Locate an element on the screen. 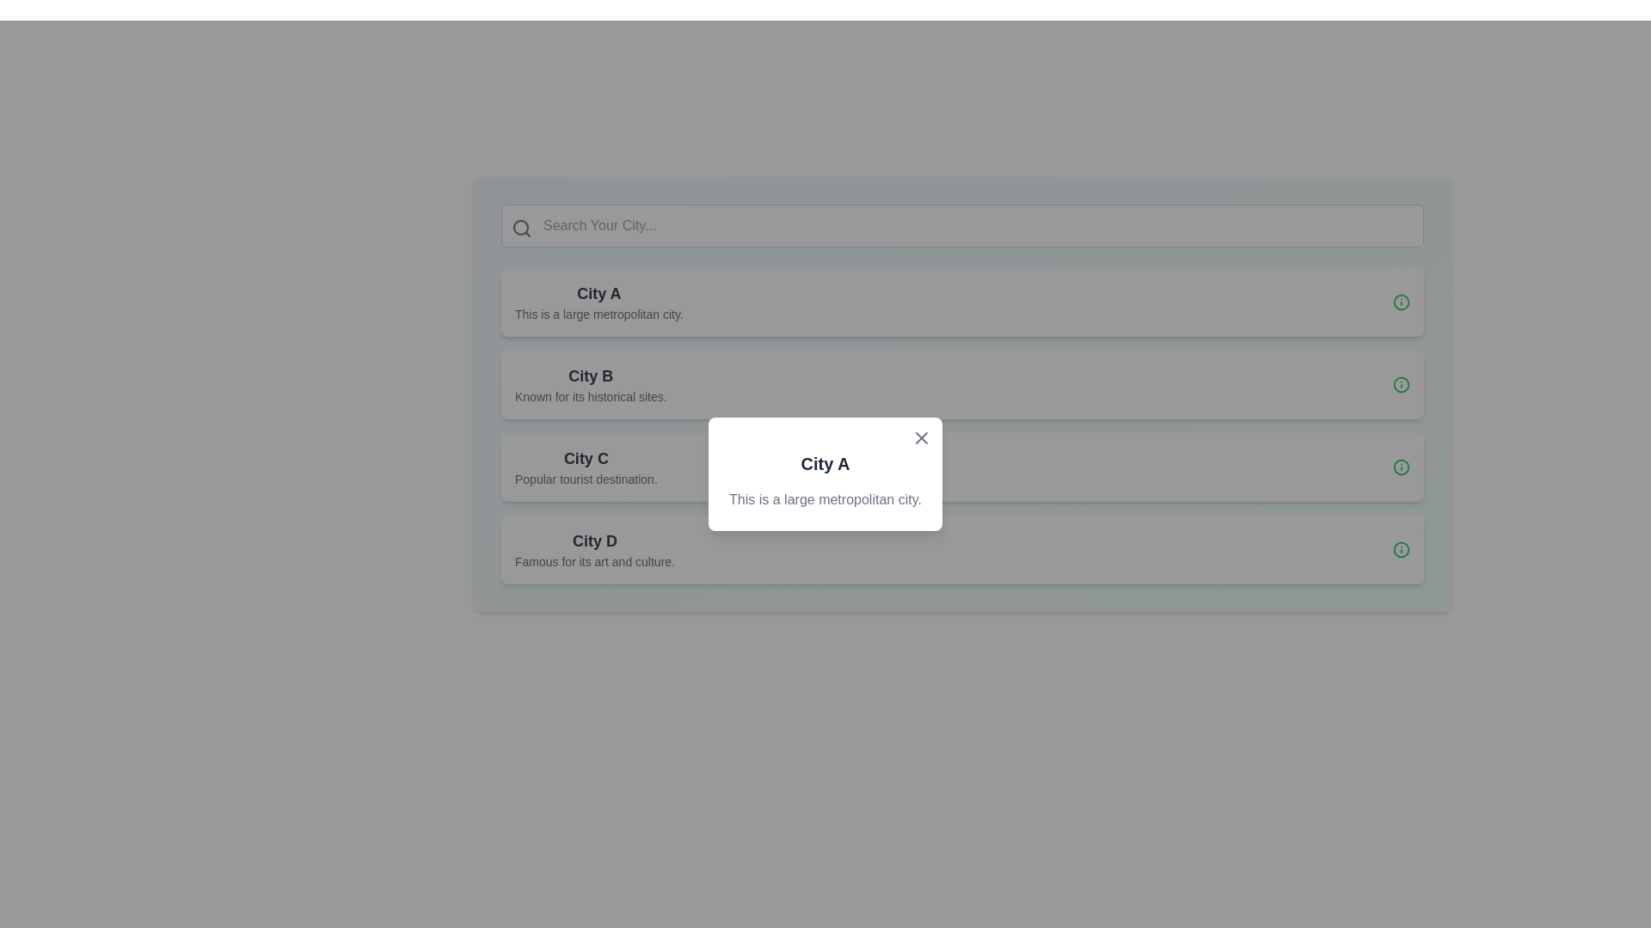 The image size is (1651, 928). the static text element that contains the bold text 'City D', located in the fourth row of city descriptions is located at coordinates (594, 540).